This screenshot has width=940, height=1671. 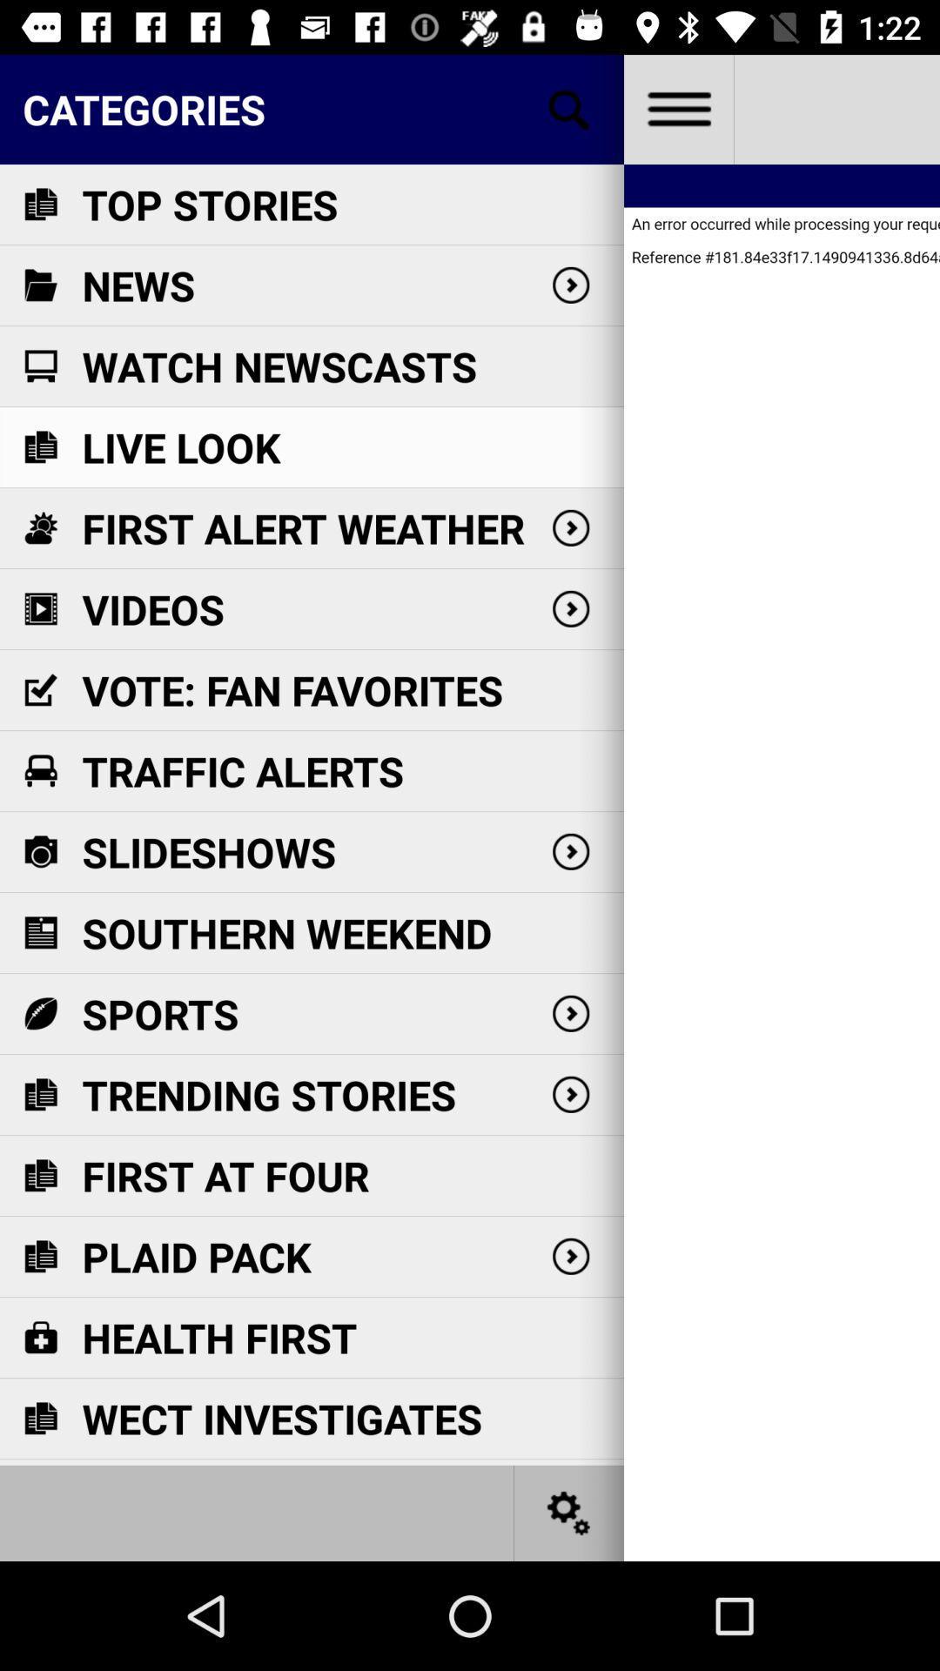 What do you see at coordinates (677, 108) in the screenshot?
I see `the menu icon` at bounding box center [677, 108].